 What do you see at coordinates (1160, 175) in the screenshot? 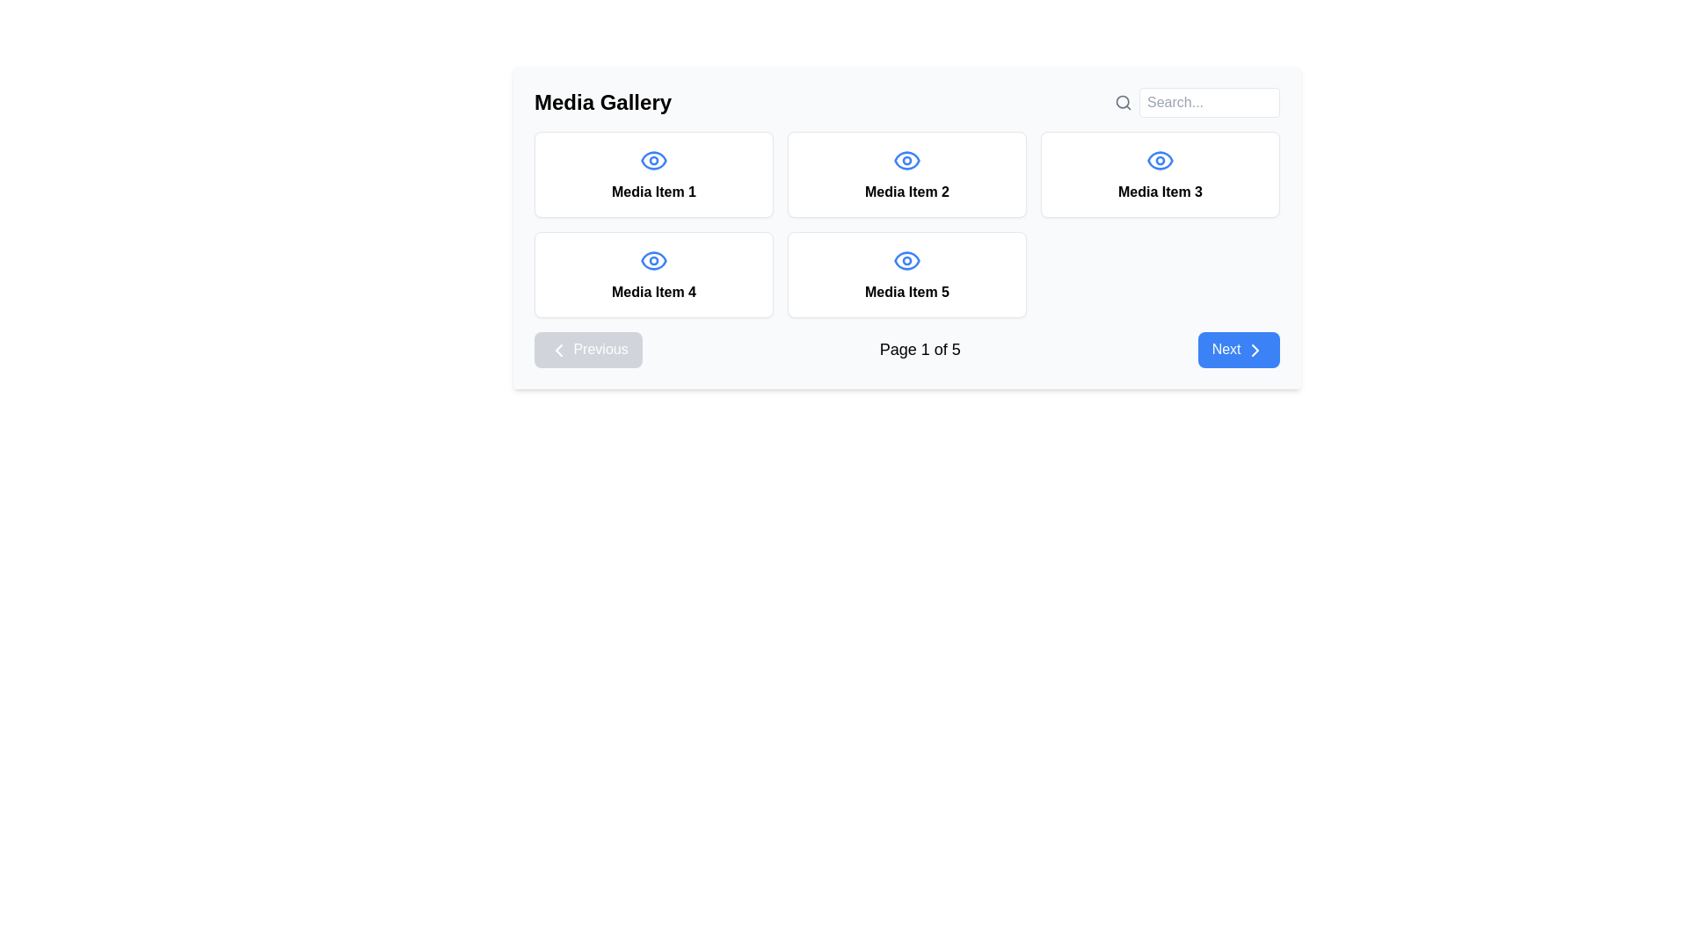
I see `the selectable card representing 'Media Item 3' located at the top-right corner of the grid` at bounding box center [1160, 175].